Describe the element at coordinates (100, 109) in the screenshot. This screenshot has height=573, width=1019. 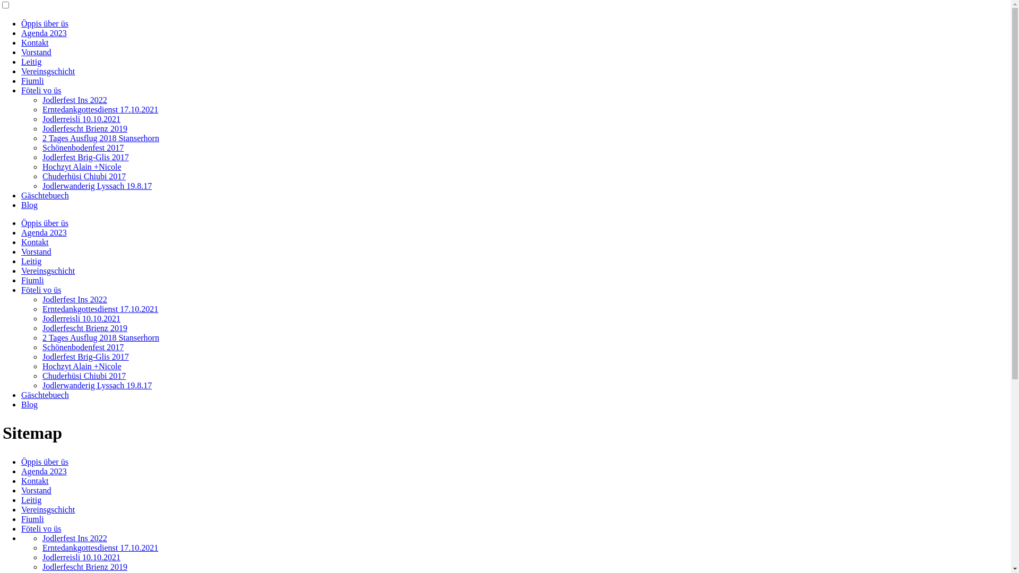
I see `'Erntedankgottesdienst 17.10.2021'` at that location.